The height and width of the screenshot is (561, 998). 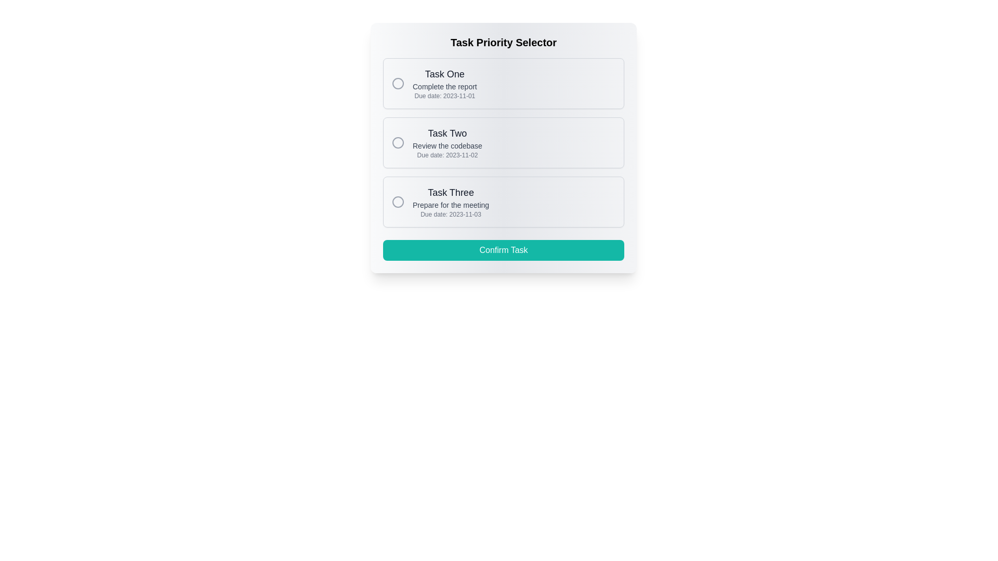 What do you see at coordinates (444, 83) in the screenshot?
I see `the textual content block representing the topmost task item under 'Task Priority Selector'` at bounding box center [444, 83].